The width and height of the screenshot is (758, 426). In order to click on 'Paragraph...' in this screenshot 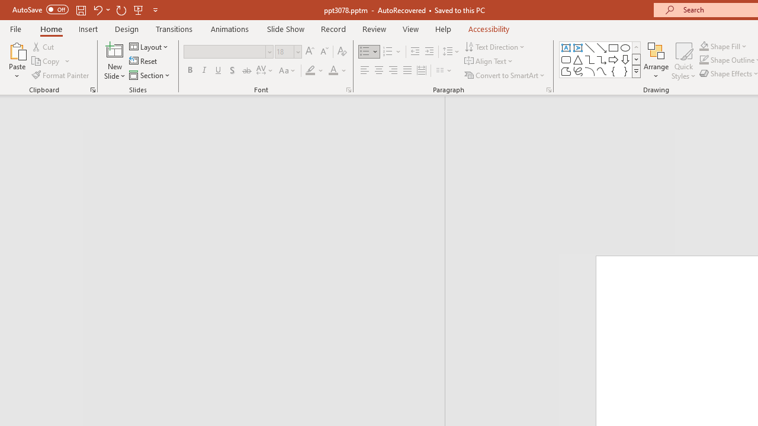, I will do `click(548, 89)`.